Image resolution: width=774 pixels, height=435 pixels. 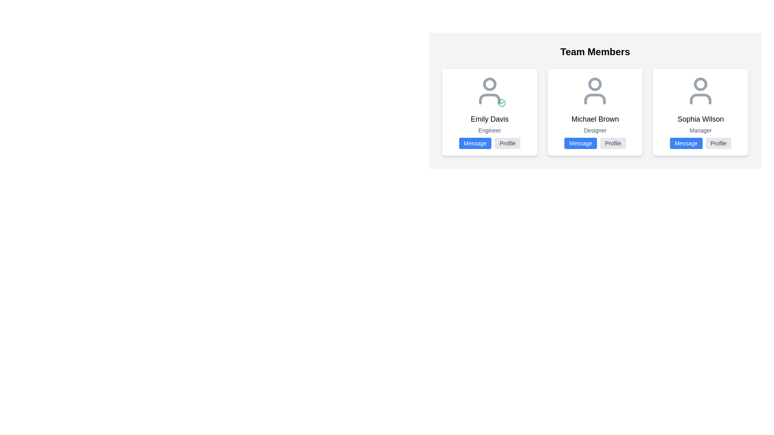 What do you see at coordinates (489, 130) in the screenshot?
I see `the label containing the text 'Engineer', which is styled in small gray font and located below 'Emily Davis' within a bordered card layout` at bounding box center [489, 130].